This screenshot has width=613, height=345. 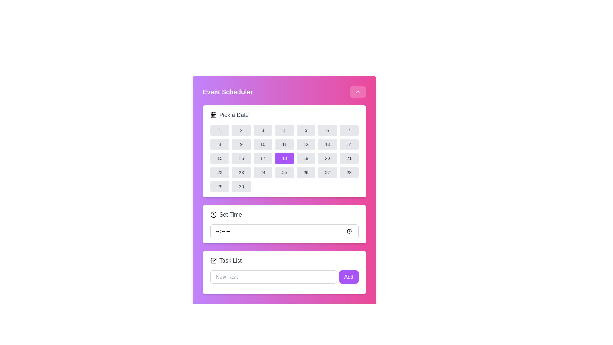 I want to click on the rounded rectangle input field for time input located in the 'Set Time' section by tabbing to it, so click(x=284, y=231).